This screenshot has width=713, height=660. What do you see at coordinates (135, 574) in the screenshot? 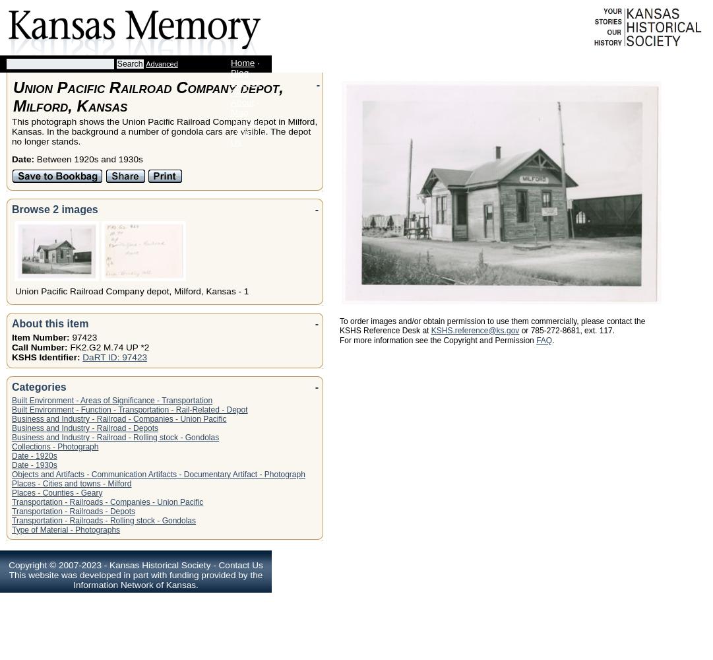
I see `'This website was developed in part with funding provided by the'` at bounding box center [135, 574].